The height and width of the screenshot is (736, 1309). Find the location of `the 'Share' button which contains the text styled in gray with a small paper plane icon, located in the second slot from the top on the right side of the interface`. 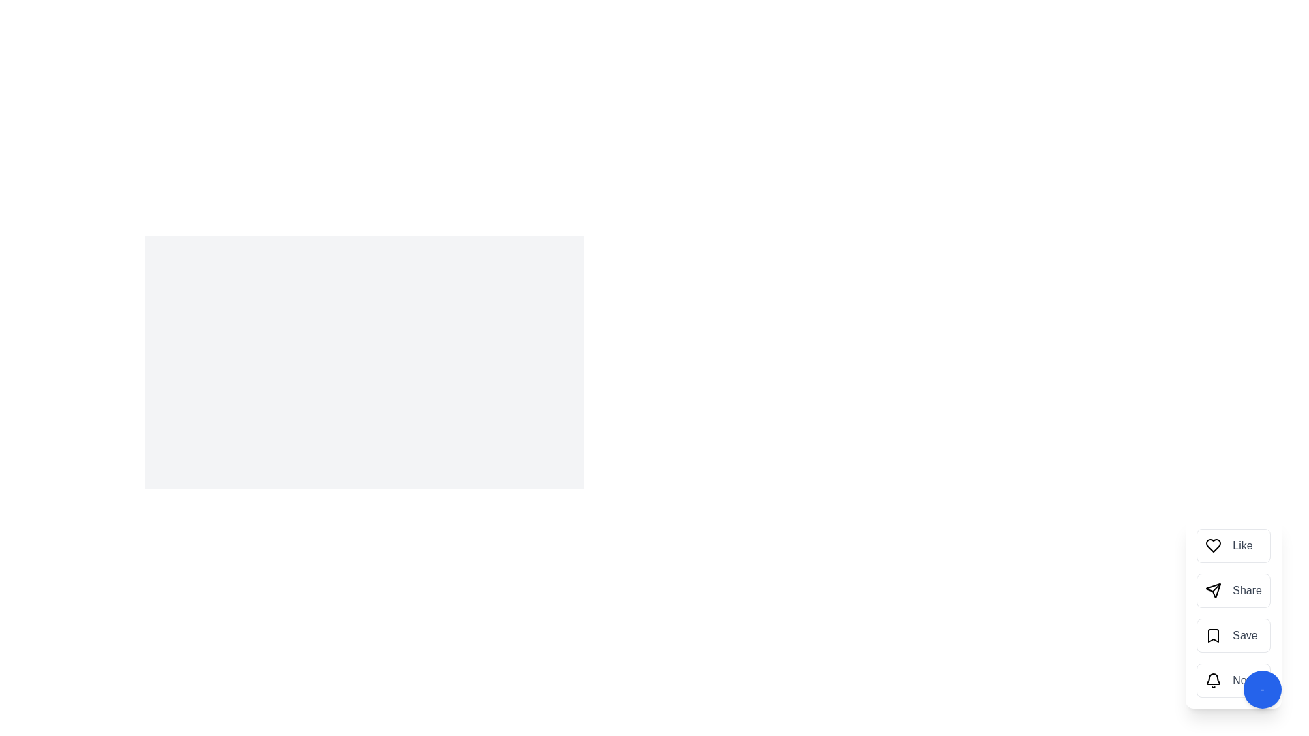

the 'Share' button which contains the text styled in gray with a small paper plane icon, located in the second slot from the top on the right side of the interface is located at coordinates (1247, 590).